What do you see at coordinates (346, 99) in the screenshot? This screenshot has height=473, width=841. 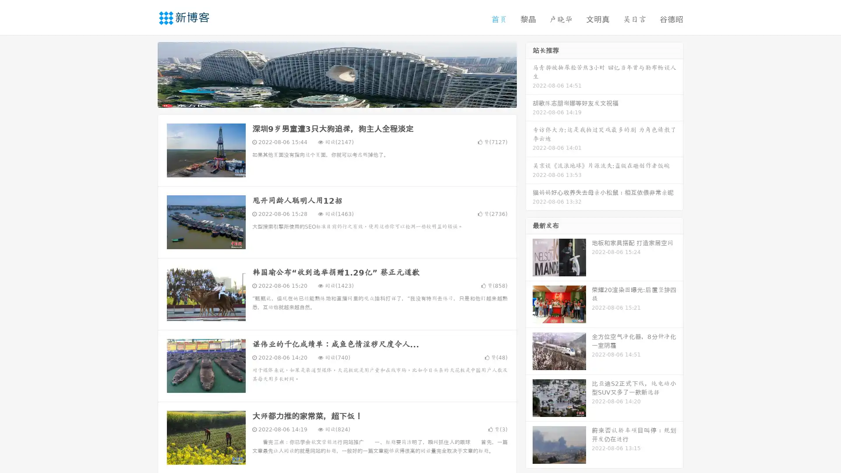 I see `Go to slide 3` at bounding box center [346, 99].